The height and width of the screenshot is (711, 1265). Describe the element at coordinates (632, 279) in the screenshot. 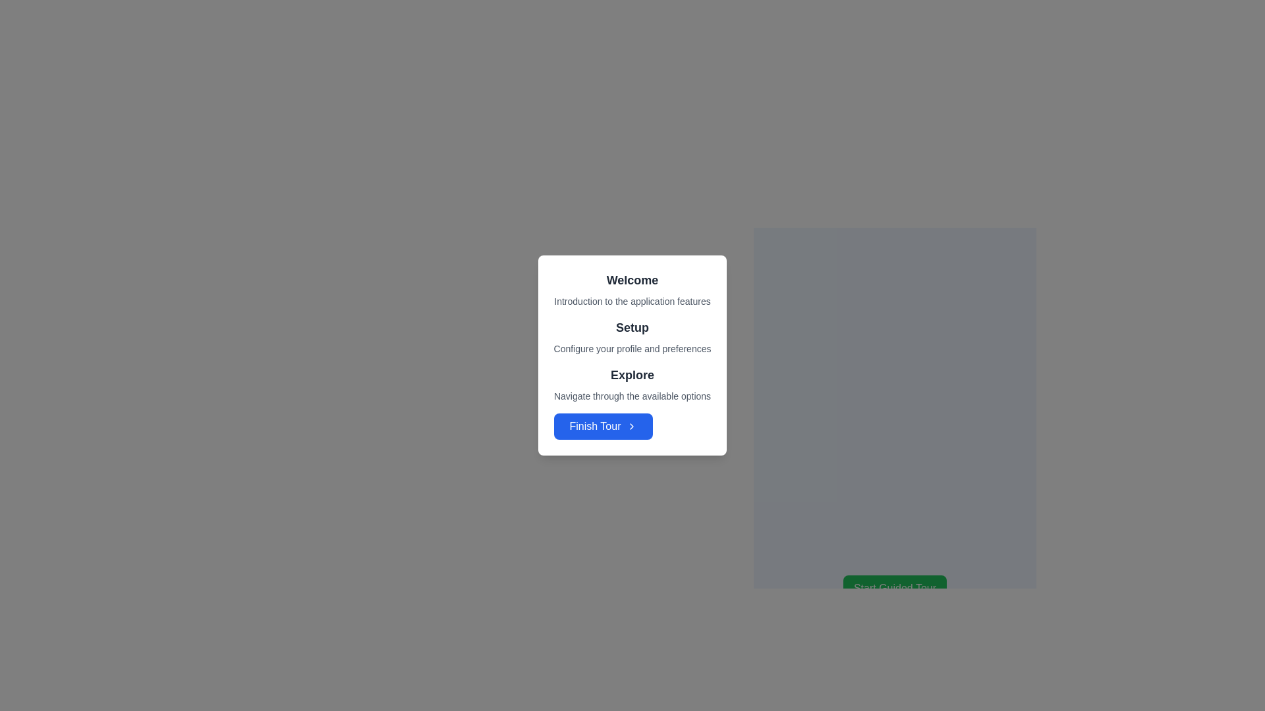

I see `introductory Text header that serves as a welcome message, centrally positioned at the top of the application's interface` at that location.